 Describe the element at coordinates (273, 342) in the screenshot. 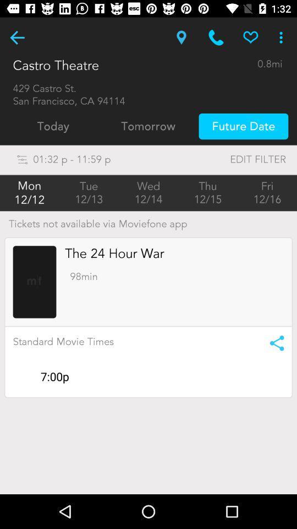

I see `the item below the fri` at that location.